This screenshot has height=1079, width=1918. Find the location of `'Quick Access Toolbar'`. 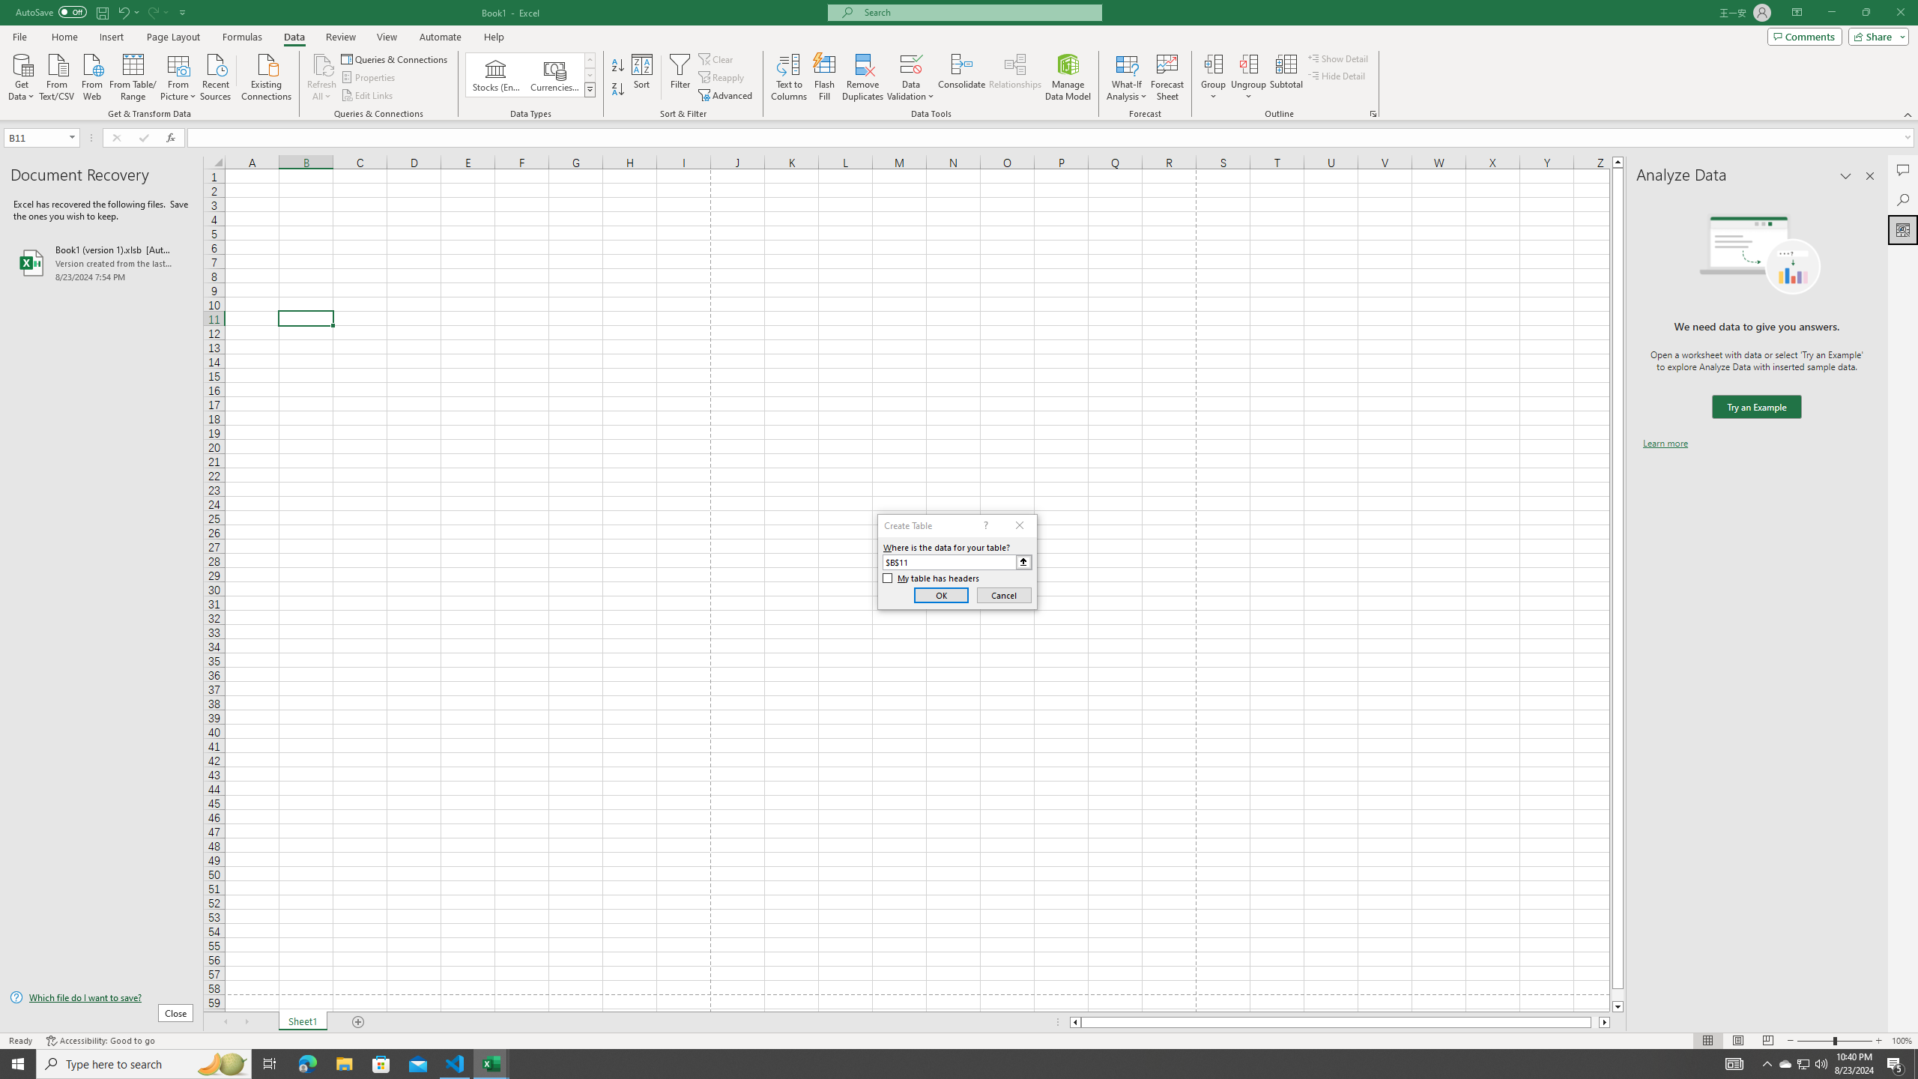

'Quick Access Toolbar' is located at coordinates (101, 12).